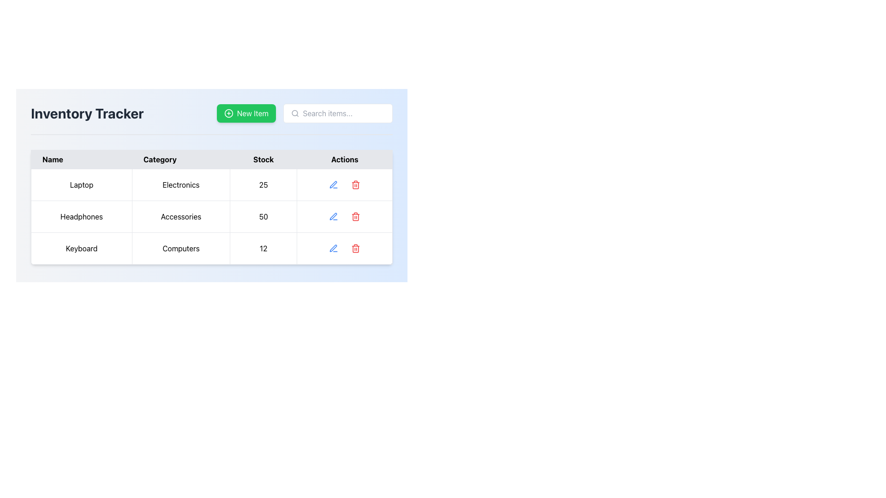 This screenshot has height=498, width=886. What do you see at coordinates (294, 113) in the screenshot?
I see `the search icon located at the leftmost part of the search bar component, which serves as a visual indicator for the search function` at bounding box center [294, 113].